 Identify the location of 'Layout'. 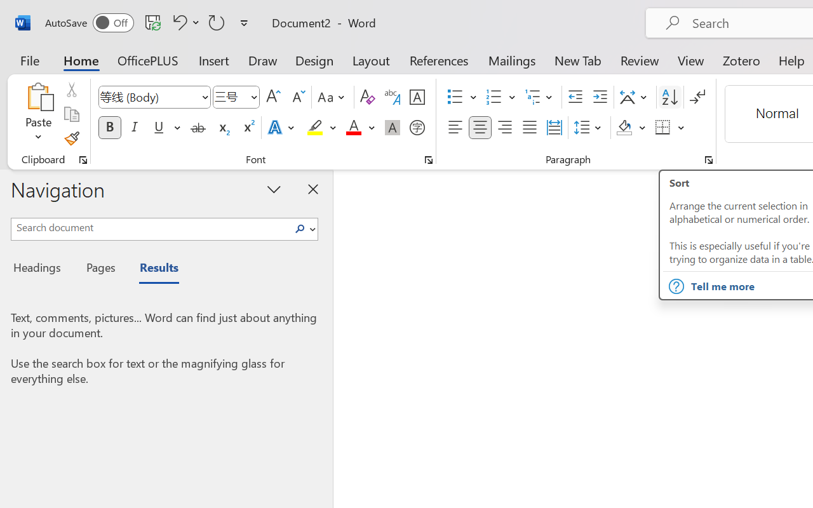
(370, 60).